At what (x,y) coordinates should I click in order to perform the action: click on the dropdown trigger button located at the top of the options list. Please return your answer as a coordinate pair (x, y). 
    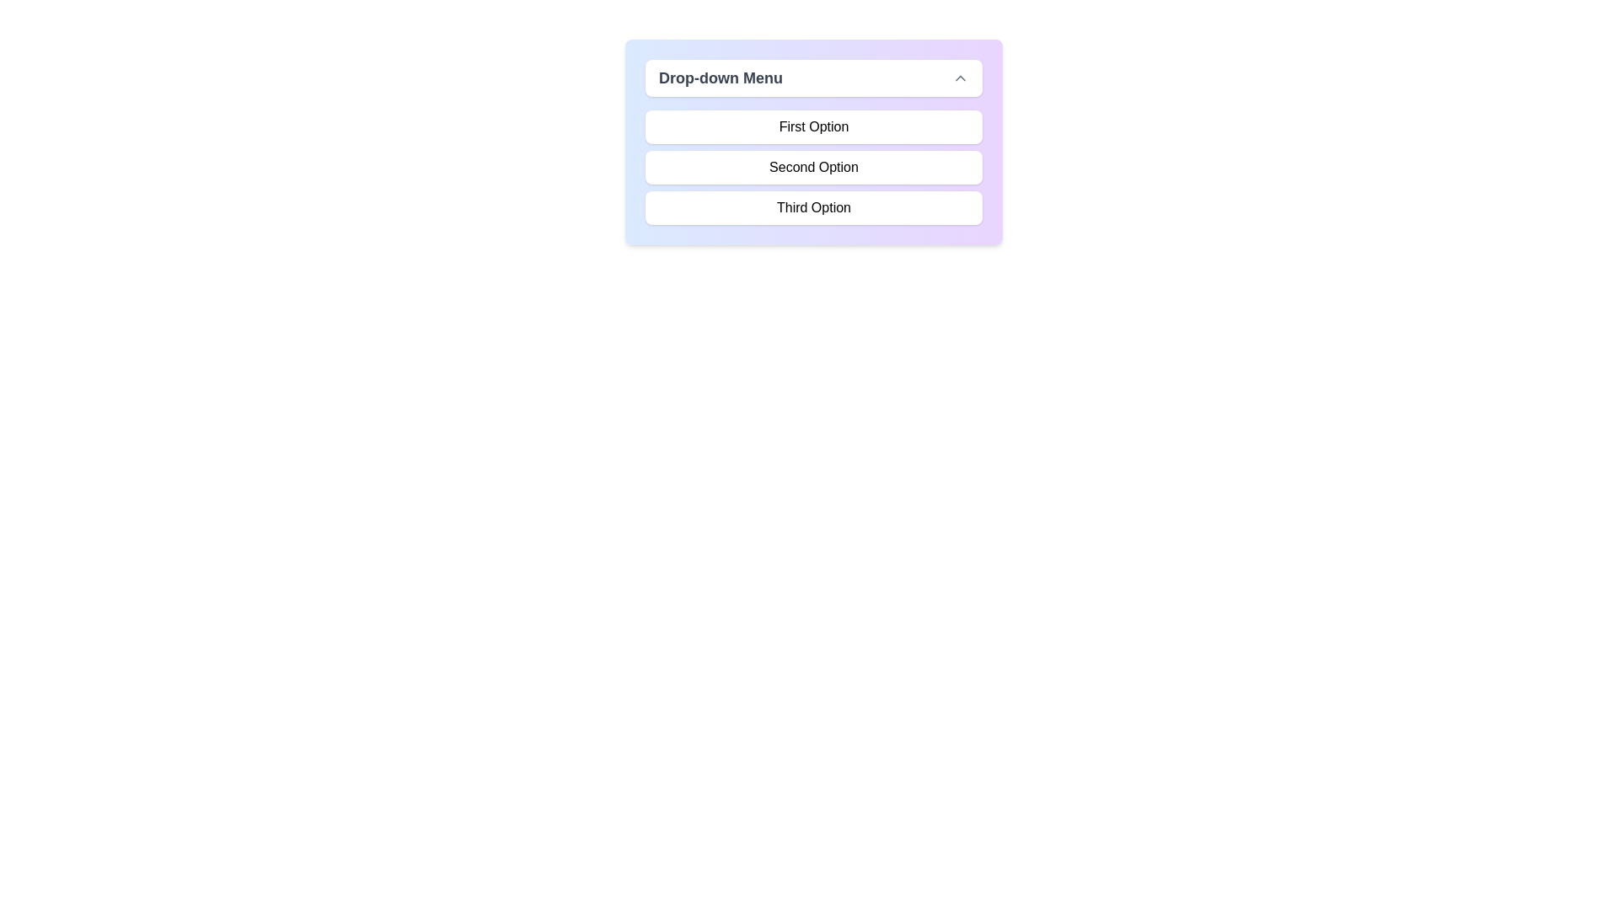
    Looking at the image, I should click on (813, 78).